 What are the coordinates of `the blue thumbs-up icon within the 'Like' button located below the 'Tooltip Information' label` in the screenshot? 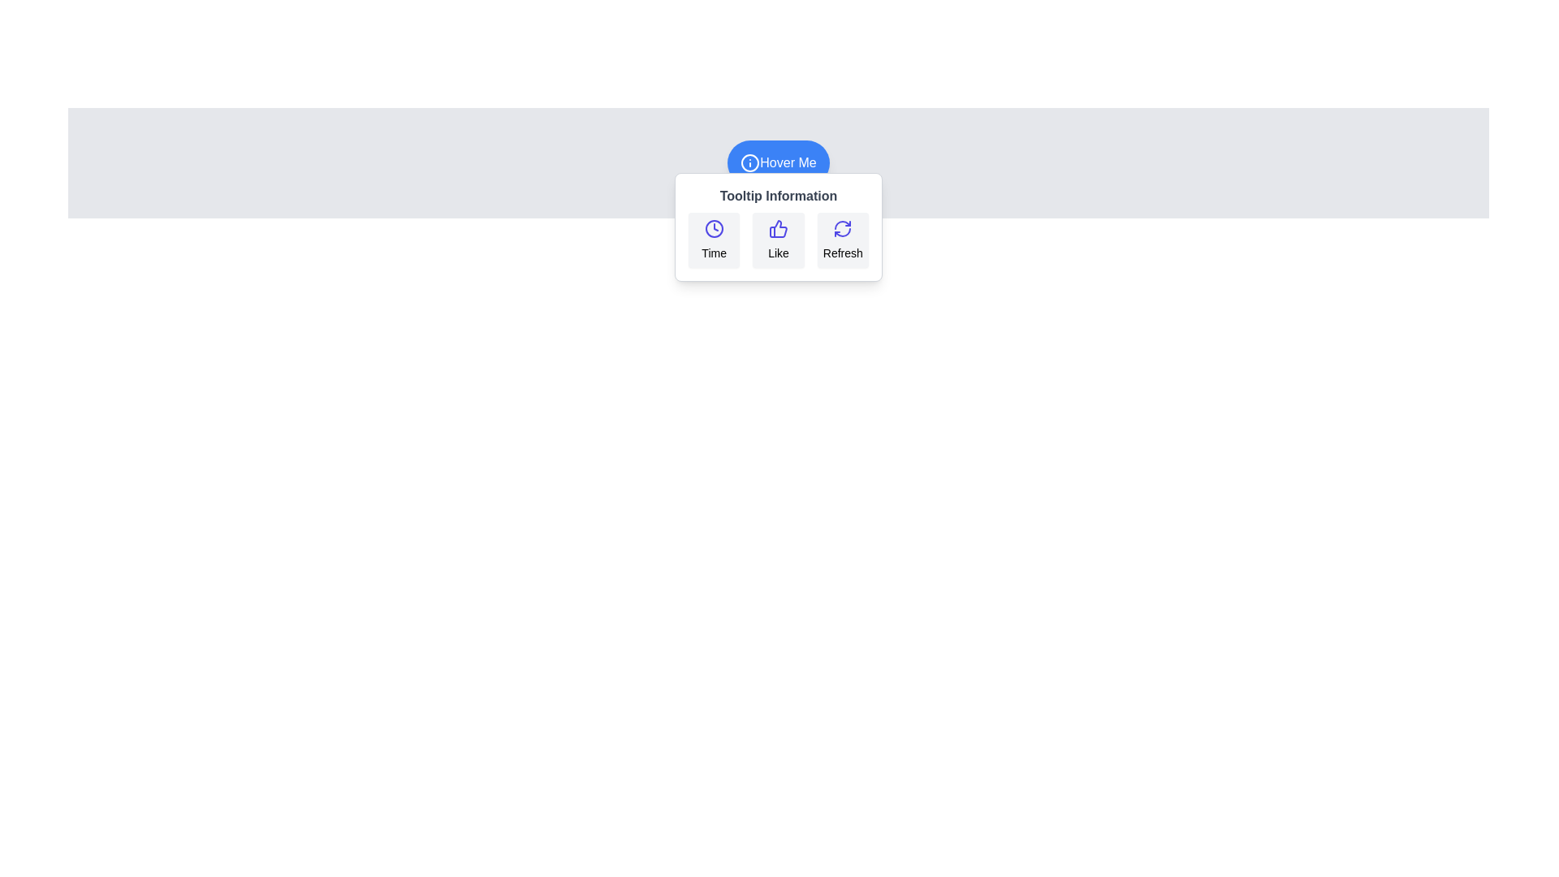 It's located at (778, 228).